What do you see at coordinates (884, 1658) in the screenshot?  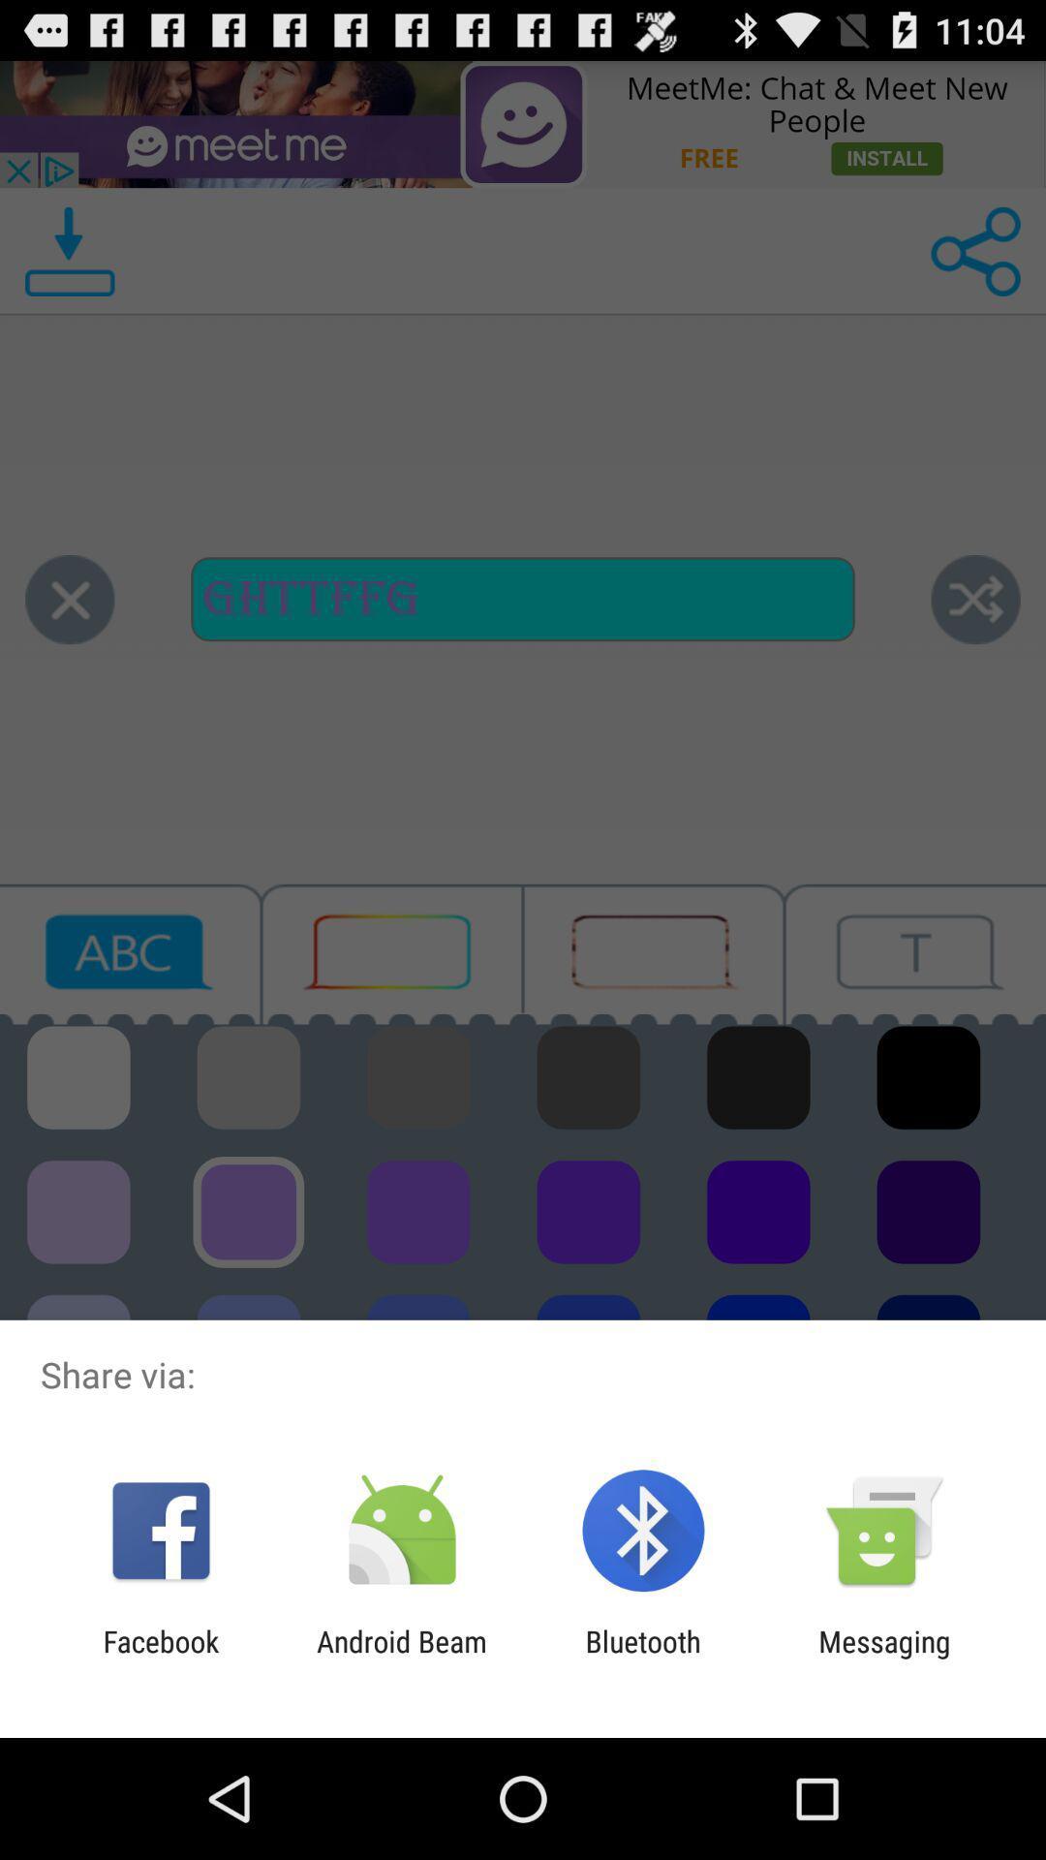 I see `app to the right of bluetooth icon` at bounding box center [884, 1658].